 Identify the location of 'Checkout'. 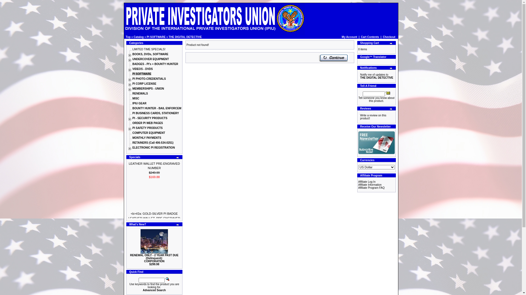
(389, 37).